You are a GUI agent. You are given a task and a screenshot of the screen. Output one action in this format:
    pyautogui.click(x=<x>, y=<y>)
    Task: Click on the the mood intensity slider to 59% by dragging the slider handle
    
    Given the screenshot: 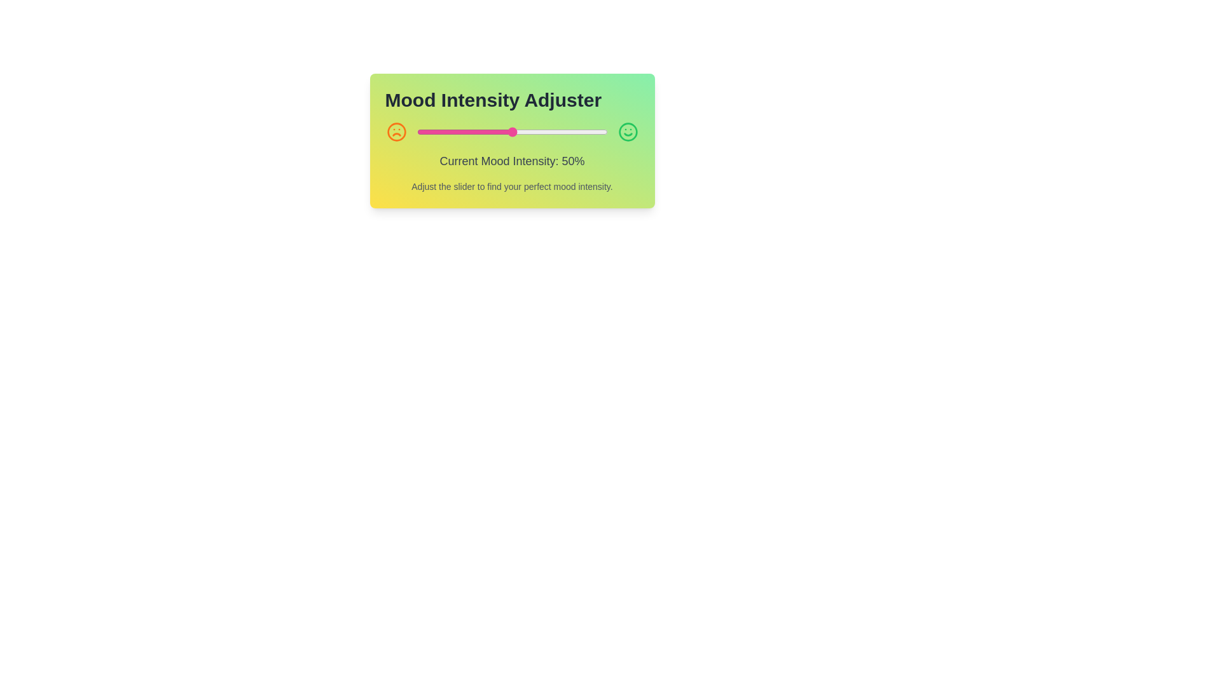 What is the action you would take?
    pyautogui.click(x=529, y=132)
    